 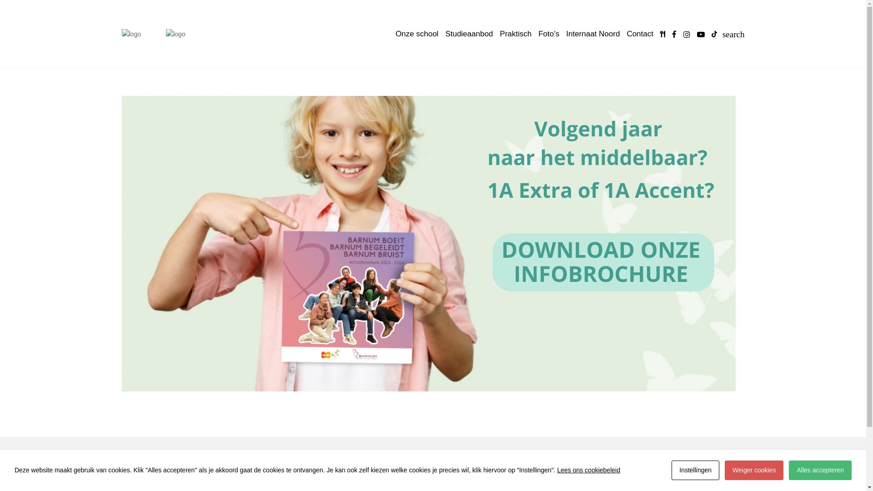 What do you see at coordinates (588, 470) in the screenshot?
I see `'Lees ons cookiebeleid'` at bounding box center [588, 470].